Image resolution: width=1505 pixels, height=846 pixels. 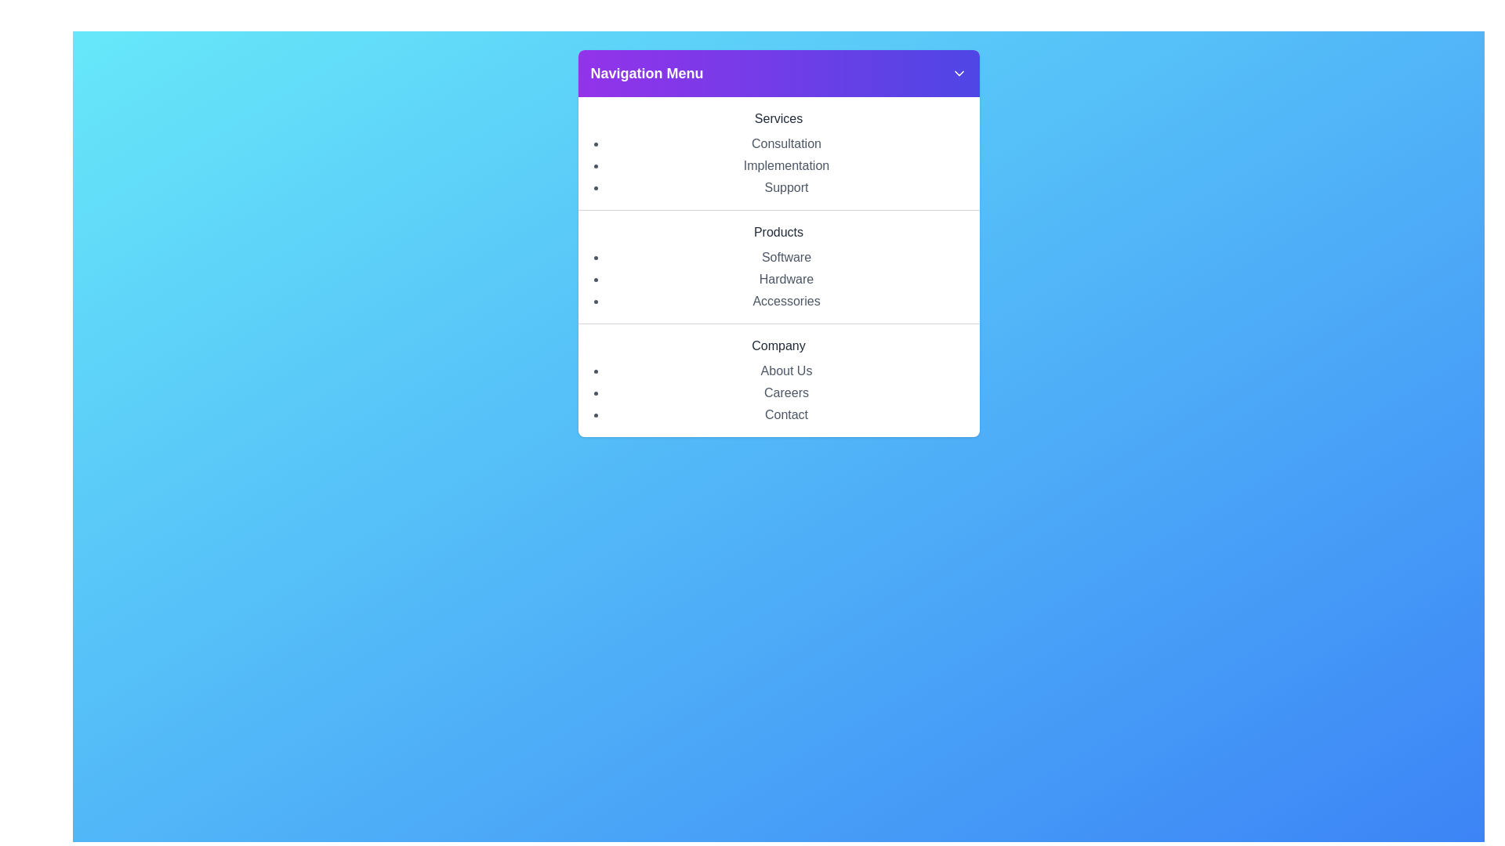 What do you see at coordinates (786, 302) in the screenshot?
I see `the menu option Accessories within the category Products` at bounding box center [786, 302].